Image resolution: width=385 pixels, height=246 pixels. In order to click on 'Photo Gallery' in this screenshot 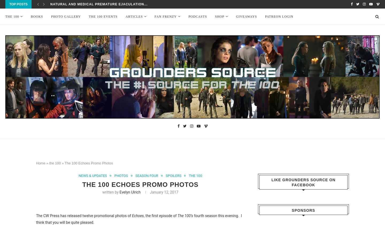, I will do `click(66, 17)`.